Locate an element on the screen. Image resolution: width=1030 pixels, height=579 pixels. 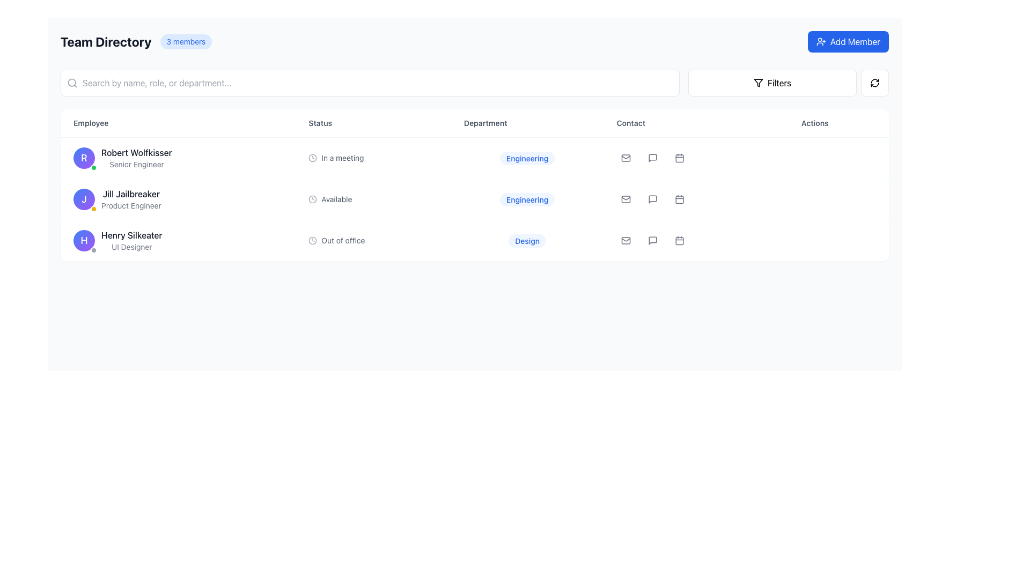
the decorative circle graphic element located at the center of the search icon in the search bar at the top of the interface is located at coordinates (71, 82).